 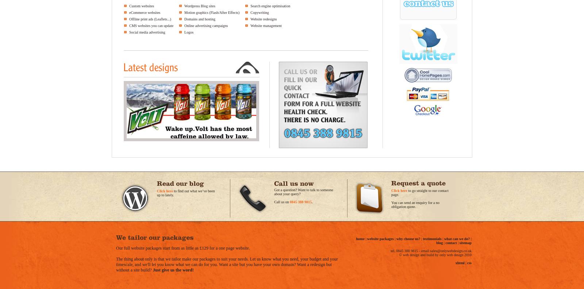 I want to click on 'Custom websites', so click(x=142, y=5).